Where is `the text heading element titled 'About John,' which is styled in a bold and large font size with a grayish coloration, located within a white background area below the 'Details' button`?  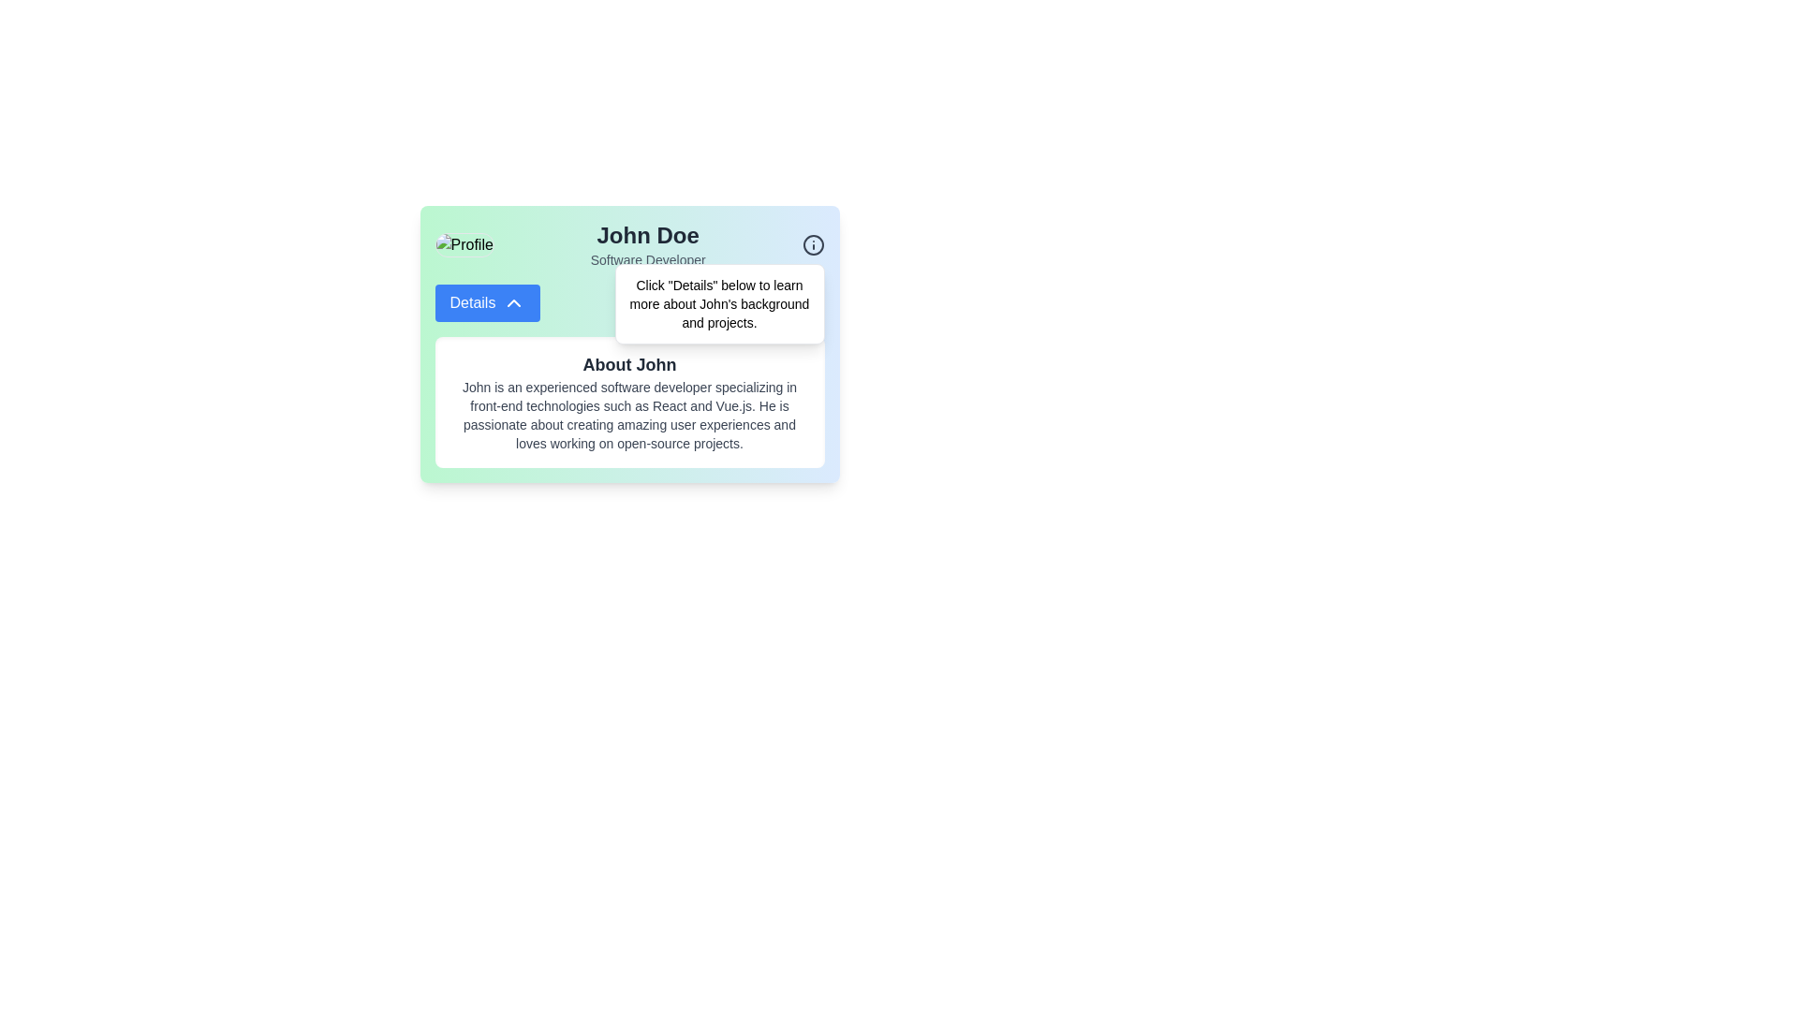 the text heading element titled 'About John,' which is styled in a bold and large font size with a grayish coloration, located within a white background area below the 'Details' button is located at coordinates (629, 364).